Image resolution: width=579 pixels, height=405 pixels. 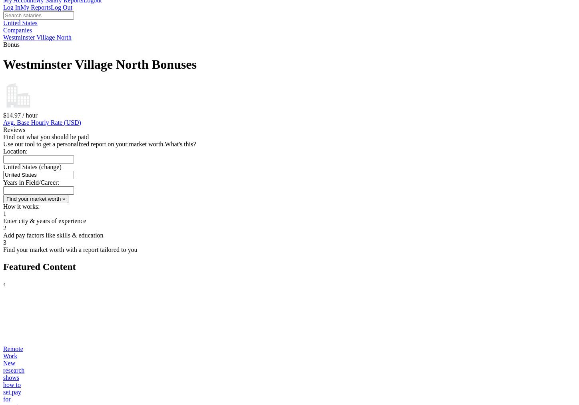 What do you see at coordinates (84, 144) in the screenshot?
I see `'Use our tool to get a personalized report on your market worth.'` at bounding box center [84, 144].